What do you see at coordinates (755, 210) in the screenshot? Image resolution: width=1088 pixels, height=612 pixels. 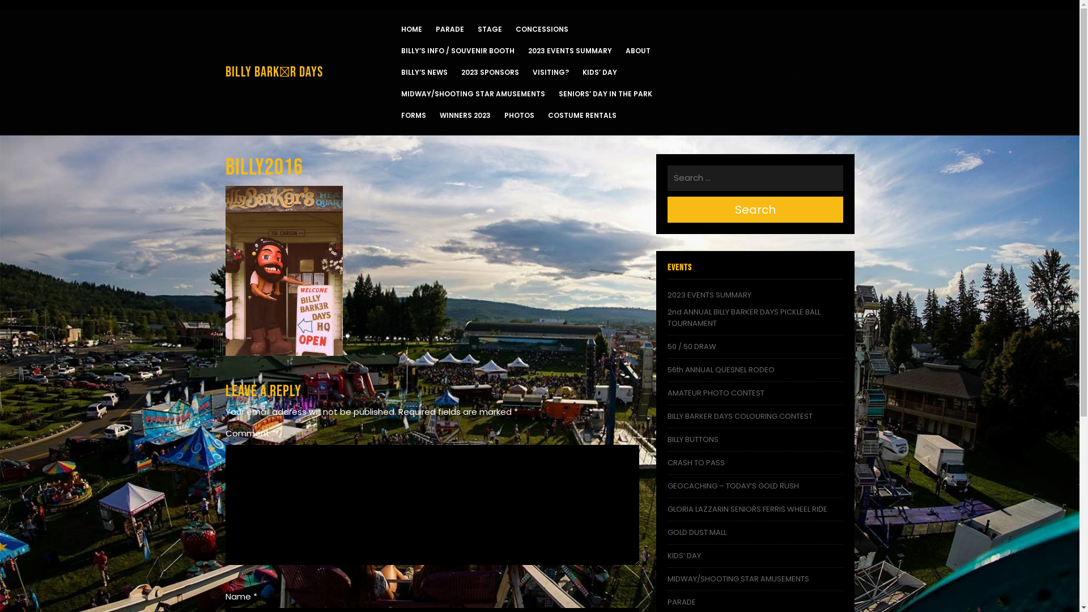 I see `'Search'` at bounding box center [755, 210].